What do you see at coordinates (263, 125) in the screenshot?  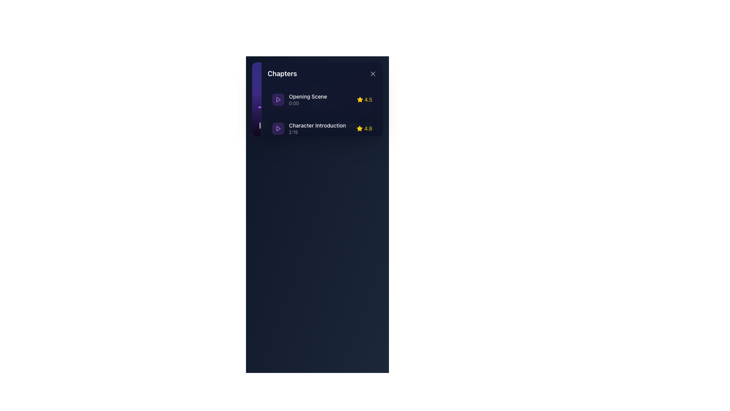 I see `the first circular button located at the far left of the button bar in the sidebar` at bounding box center [263, 125].